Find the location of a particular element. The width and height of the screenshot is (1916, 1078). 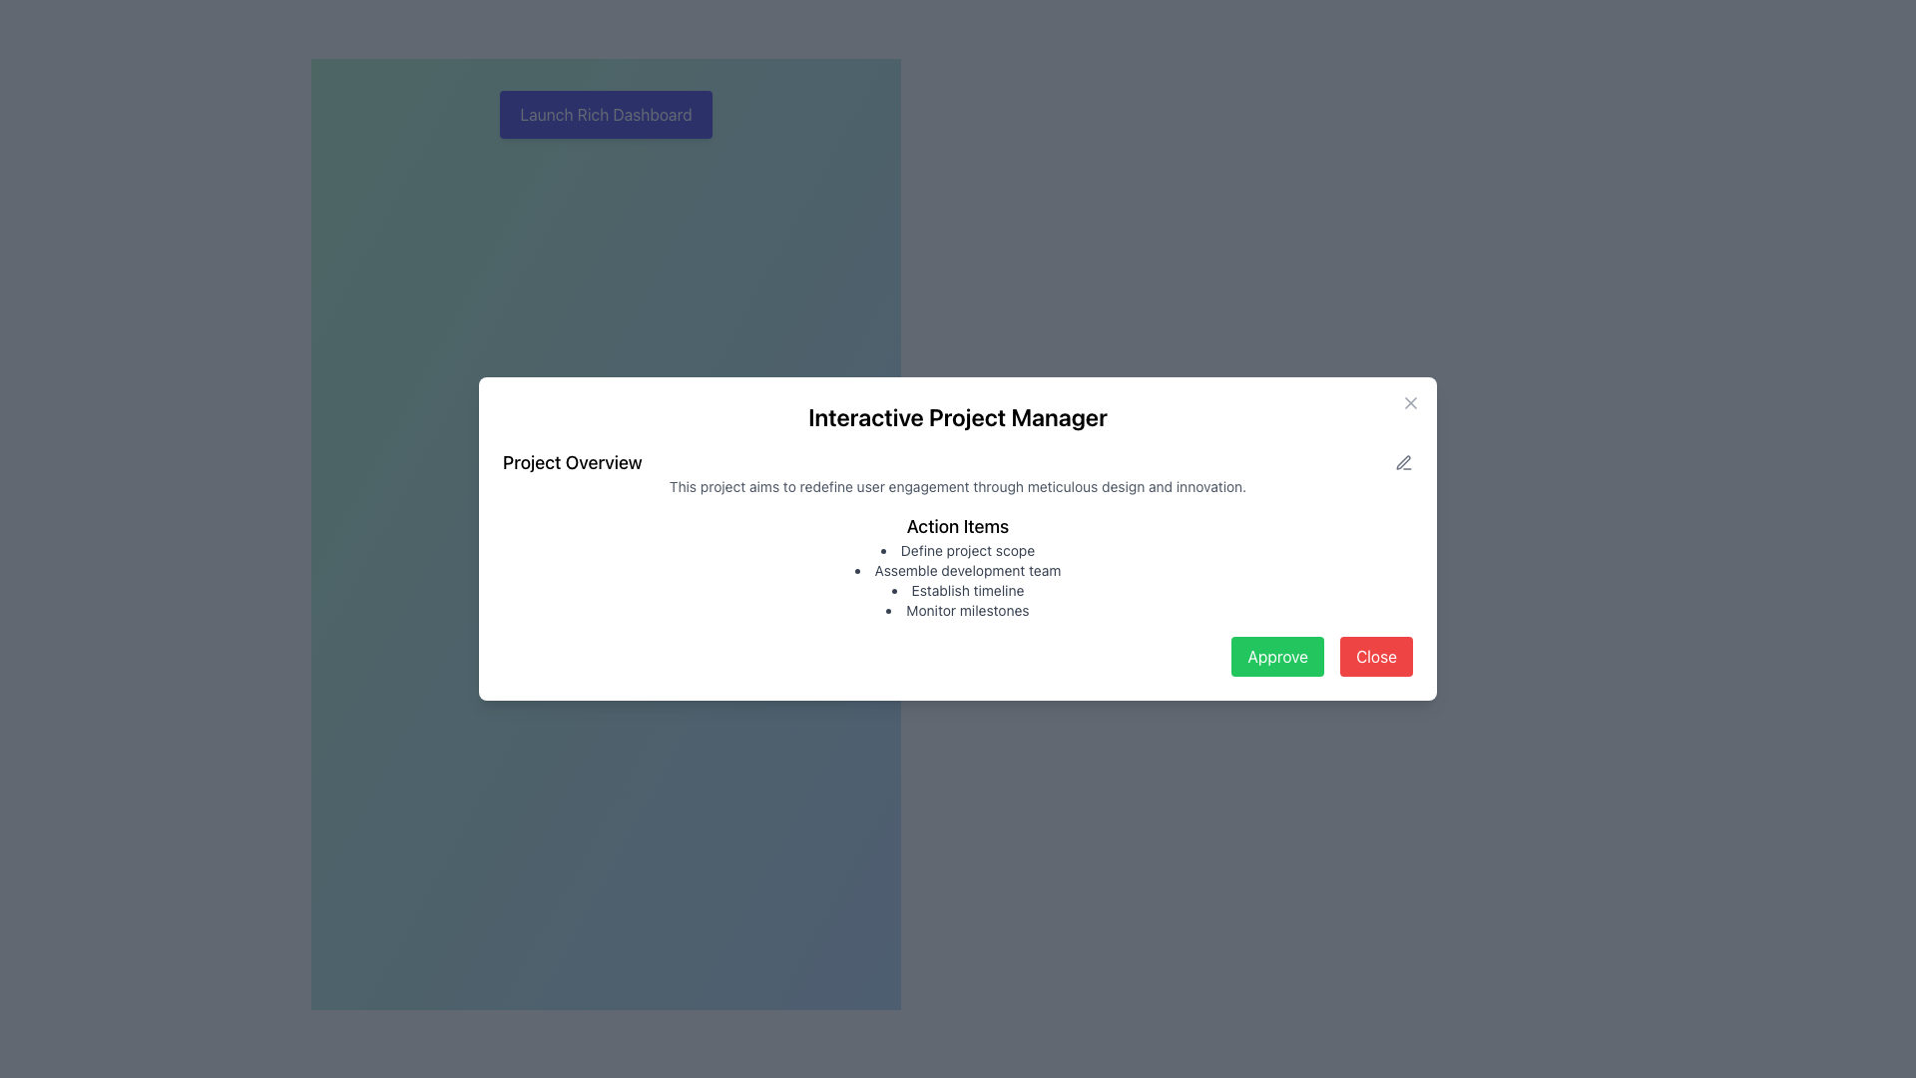

the pen icon button located in the top-right corner of the 'Interactive Project Manager' modal is located at coordinates (1402, 462).